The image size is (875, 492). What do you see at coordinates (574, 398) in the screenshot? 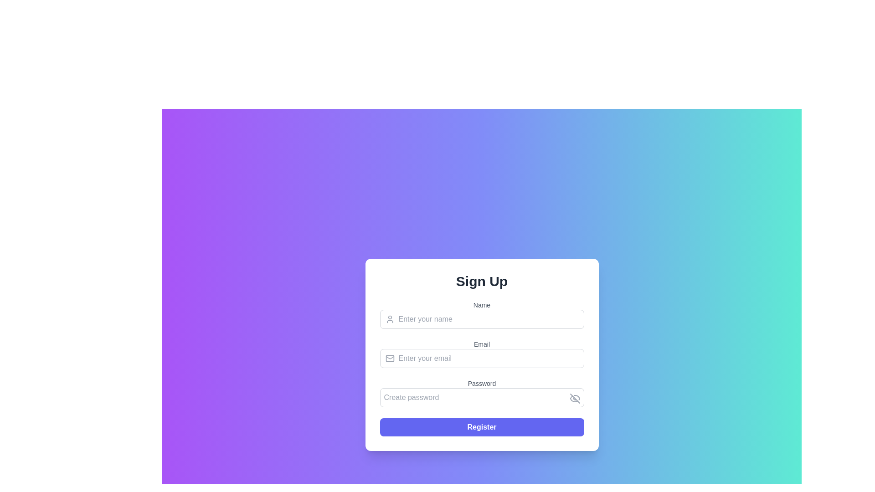
I see `the icon resembling a crossed-out eye, which is positioned to the right of the 'Password' text input field` at bounding box center [574, 398].